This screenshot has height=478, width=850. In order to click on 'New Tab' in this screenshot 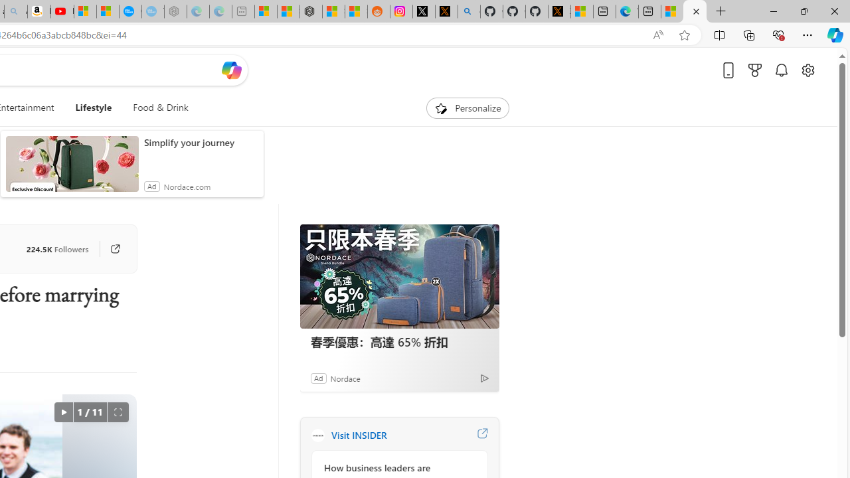, I will do `click(721, 11)`.